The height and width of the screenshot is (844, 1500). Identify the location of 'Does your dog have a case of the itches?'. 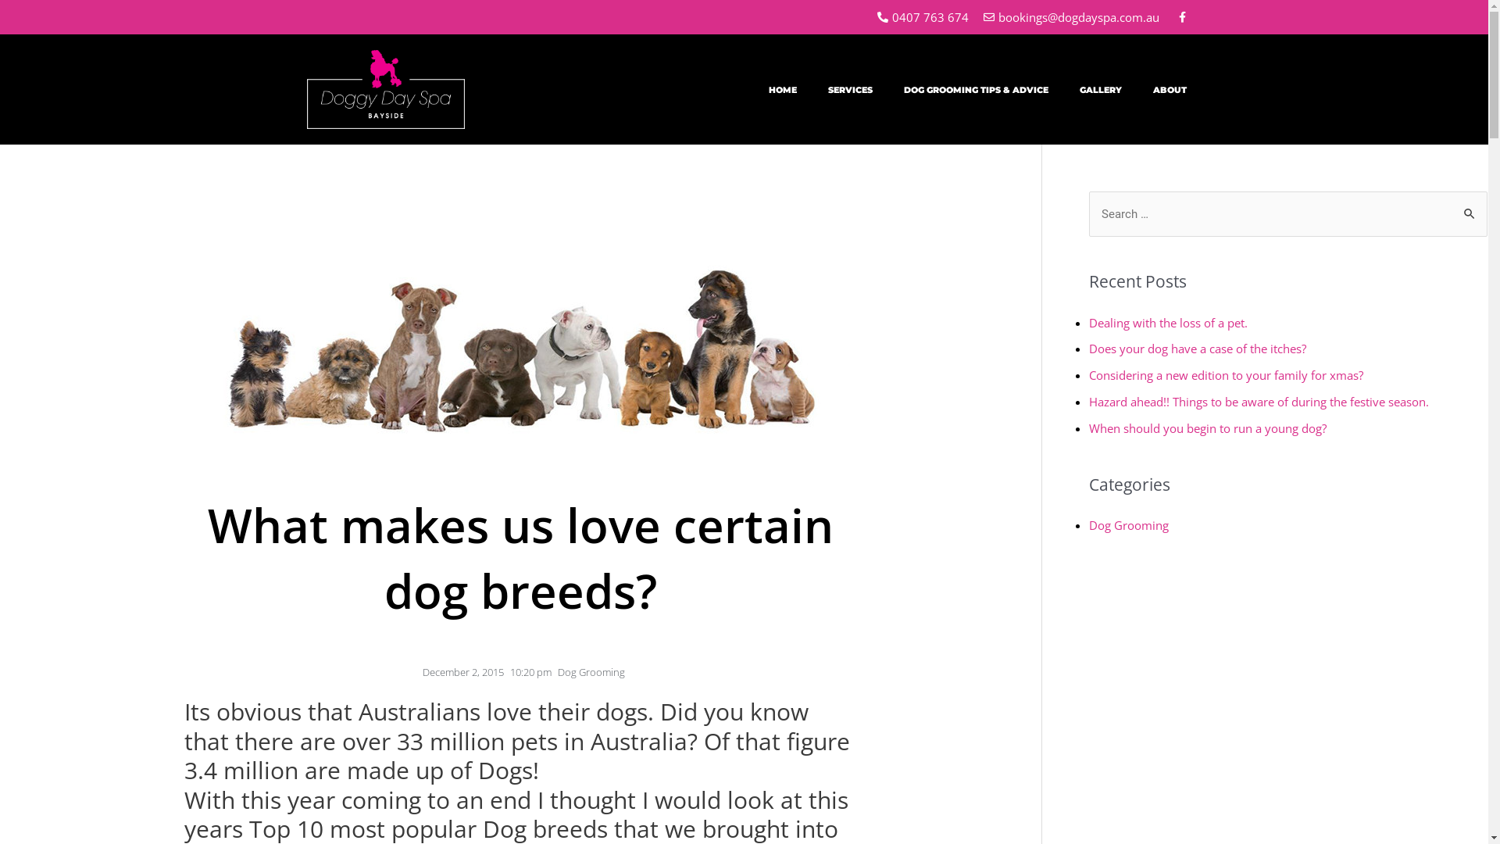
(1087, 348).